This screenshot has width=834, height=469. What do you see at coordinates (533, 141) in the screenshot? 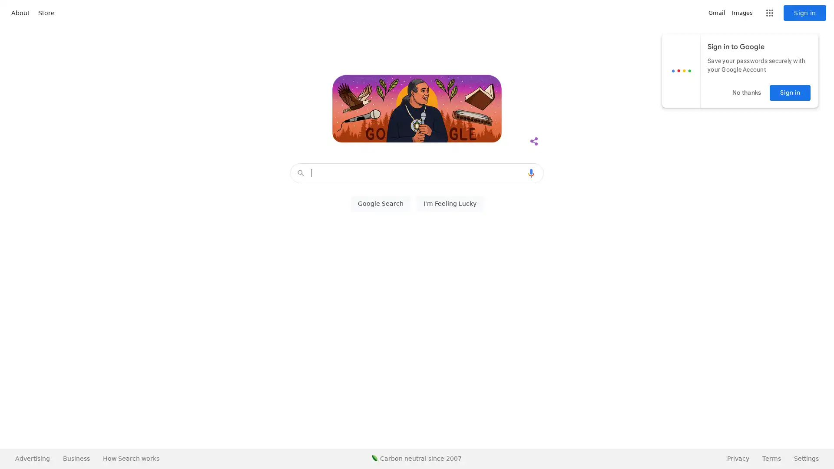
I see `Share` at bounding box center [533, 141].